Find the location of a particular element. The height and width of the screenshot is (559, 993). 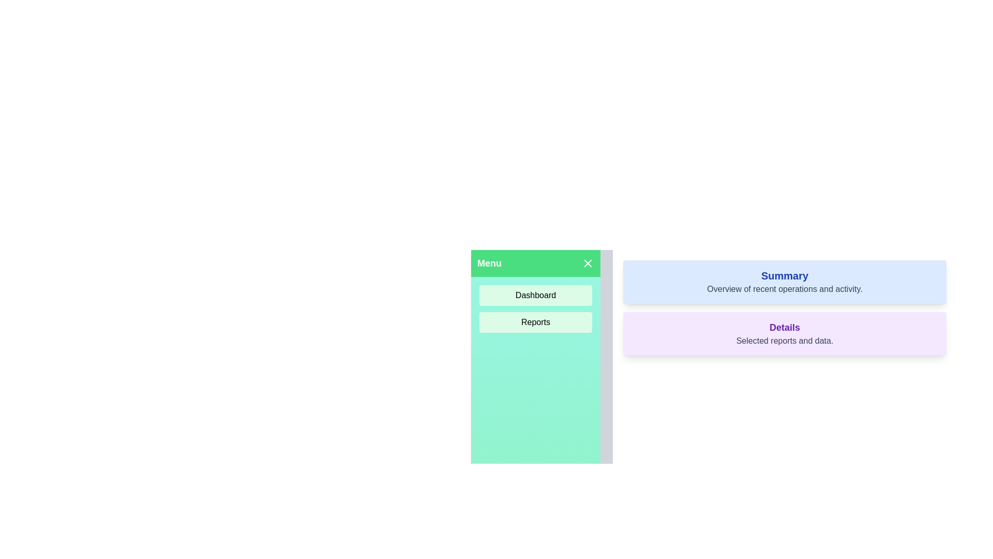

the 'Dashboard' button, which is a rectangular button with rounded corners and a light green background is located at coordinates (536, 295).